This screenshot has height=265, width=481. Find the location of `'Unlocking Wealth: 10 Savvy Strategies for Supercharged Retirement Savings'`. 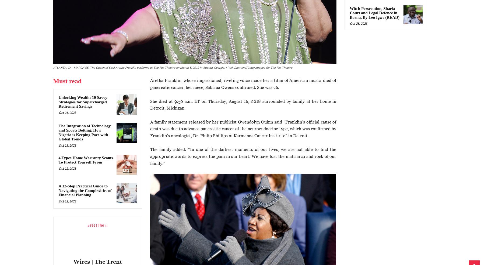

'Unlocking Wealth: 10 Savvy Strategies for Supercharged Retirement Savings' is located at coordinates (82, 102).